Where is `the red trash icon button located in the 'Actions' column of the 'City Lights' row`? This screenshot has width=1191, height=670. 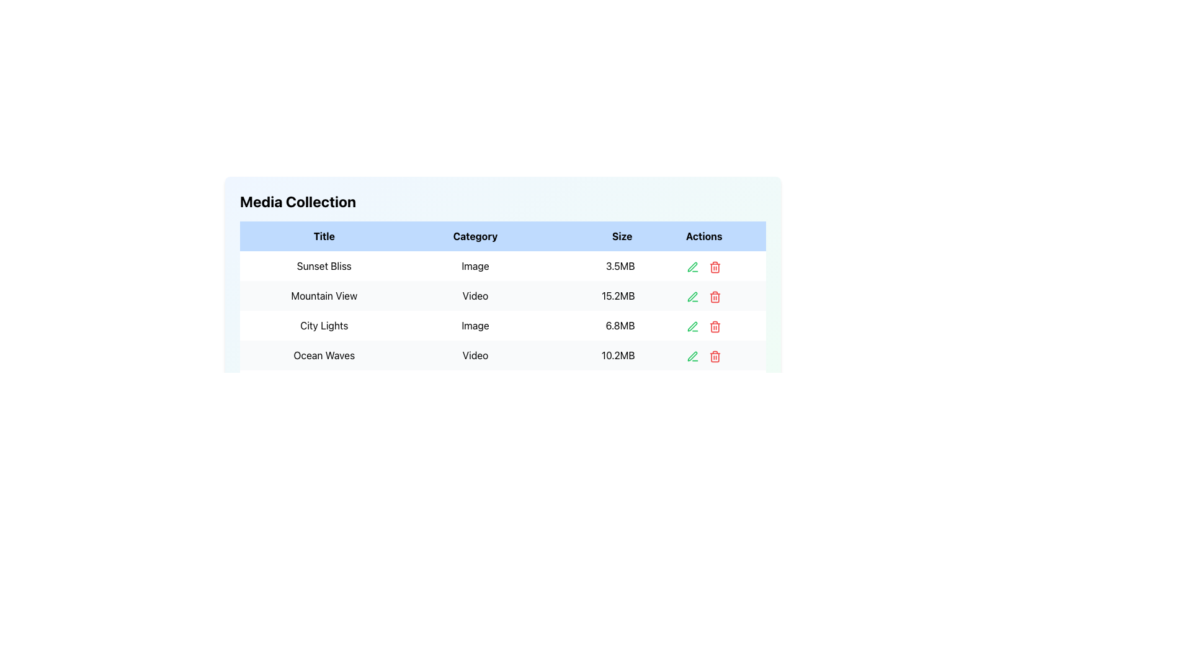 the red trash icon button located in the 'Actions' column of the 'City Lights' row is located at coordinates (715, 324).